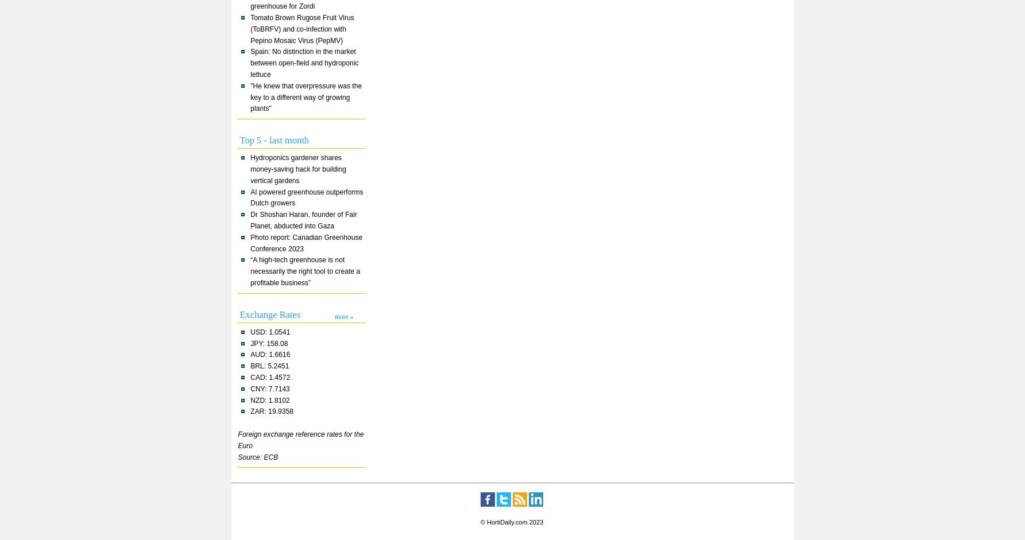 The image size is (1025, 540). Describe the element at coordinates (269, 366) in the screenshot. I see `'BRL: 5.2451'` at that location.